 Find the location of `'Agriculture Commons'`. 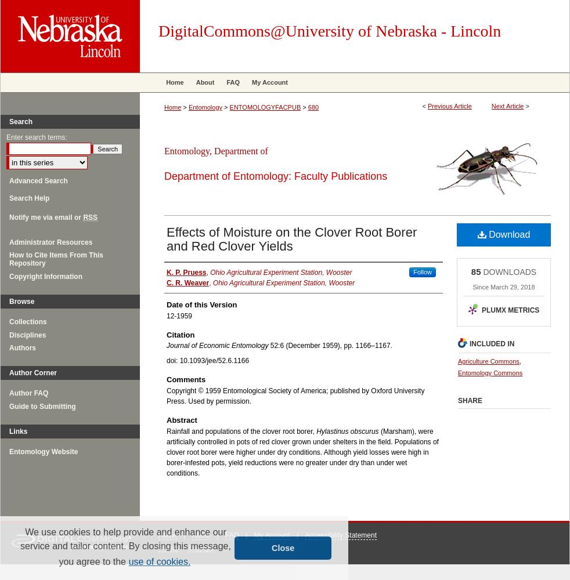

'Agriculture Commons' is located at coordinates (488, 360).